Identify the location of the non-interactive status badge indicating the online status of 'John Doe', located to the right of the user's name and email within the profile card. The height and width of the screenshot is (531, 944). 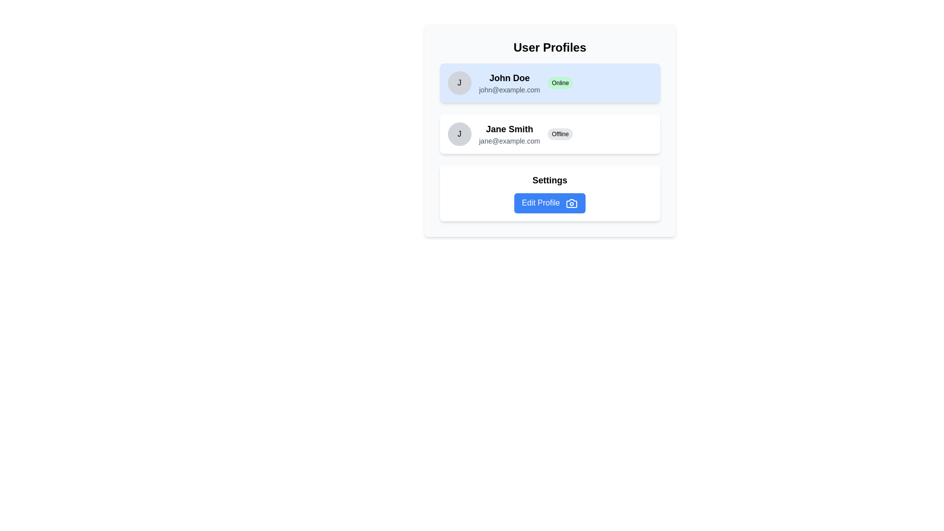
(560, 83).